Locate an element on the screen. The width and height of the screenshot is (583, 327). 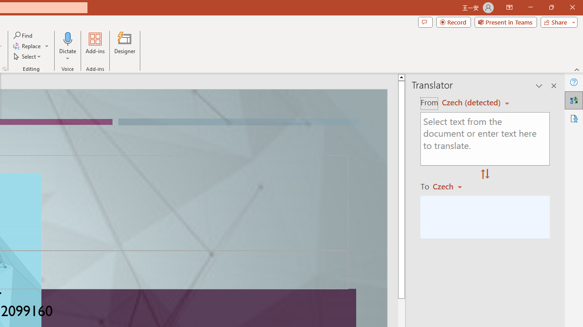
'Czech' is located at coordinates (451, 186).